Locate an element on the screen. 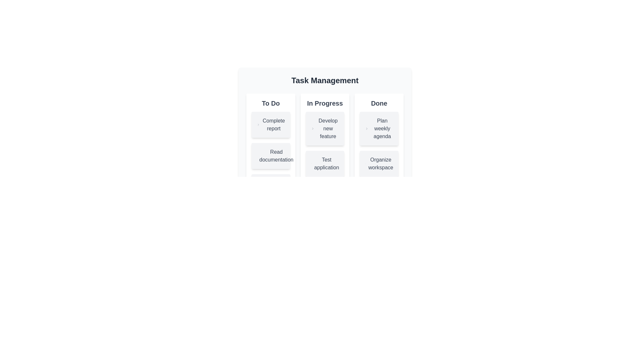  the task item labeled 'Read documentation' is located at coordinates (271, 156).